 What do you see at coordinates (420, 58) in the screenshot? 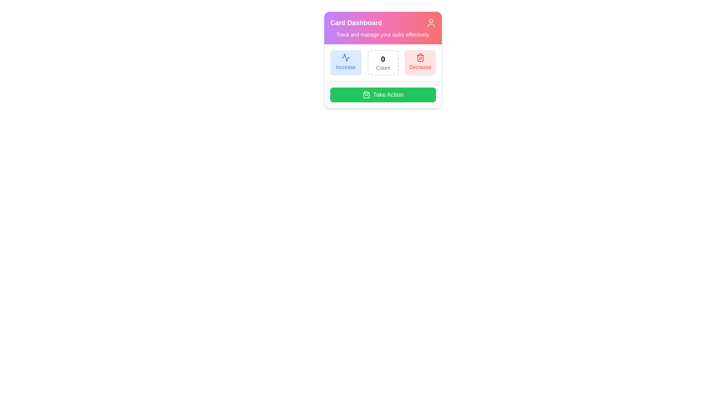
I see `the delete icon located in the top right corner of the card layout, which represents a removal or delete action` at bounding box center [420, 58].